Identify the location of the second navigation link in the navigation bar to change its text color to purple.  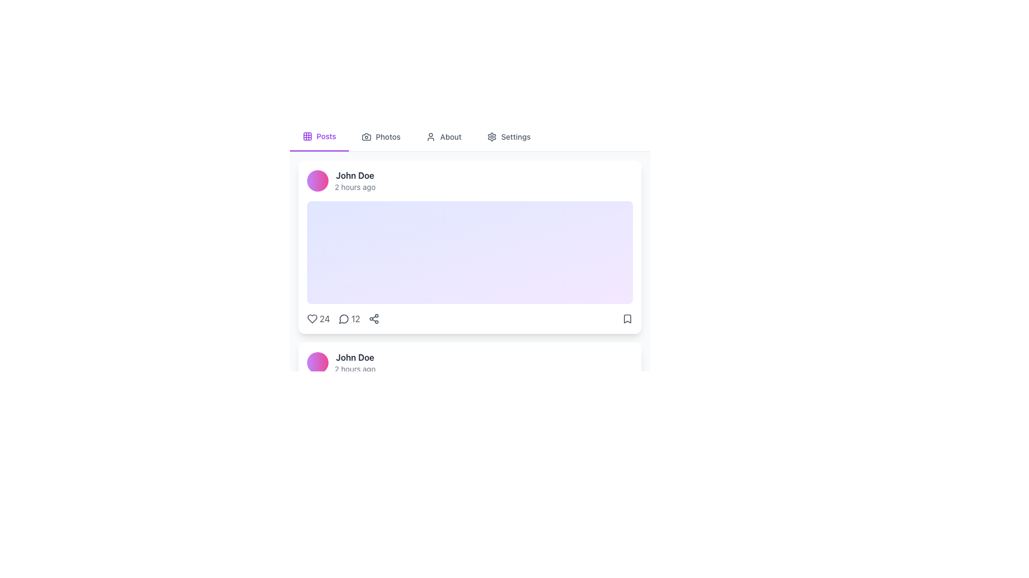
(381, 136).